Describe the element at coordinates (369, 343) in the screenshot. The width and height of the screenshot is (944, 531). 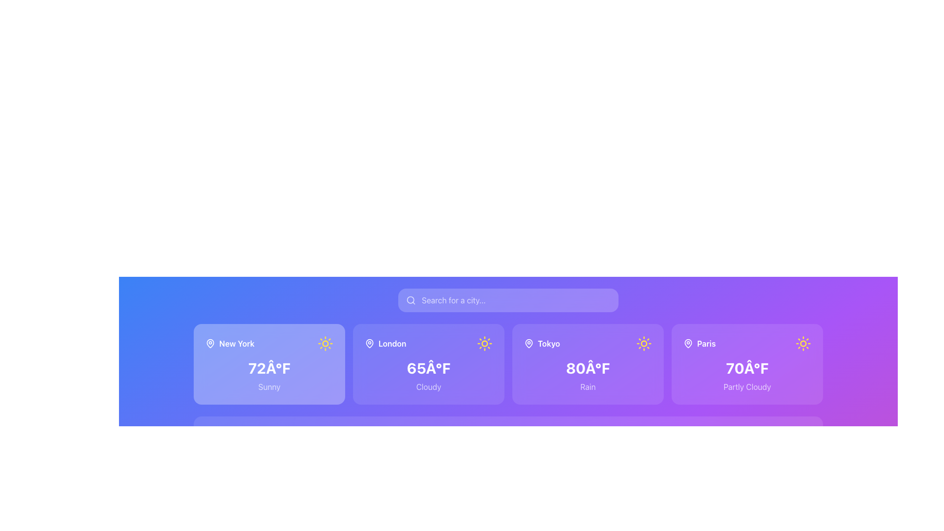
I see `the map pin icon located to the left of the text 'London' within the second weather card` at that location.